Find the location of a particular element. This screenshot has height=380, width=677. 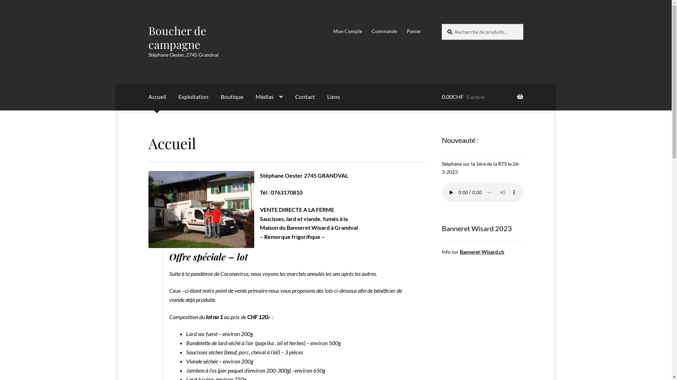

'Accueil' is located at coordinates (157, 96).